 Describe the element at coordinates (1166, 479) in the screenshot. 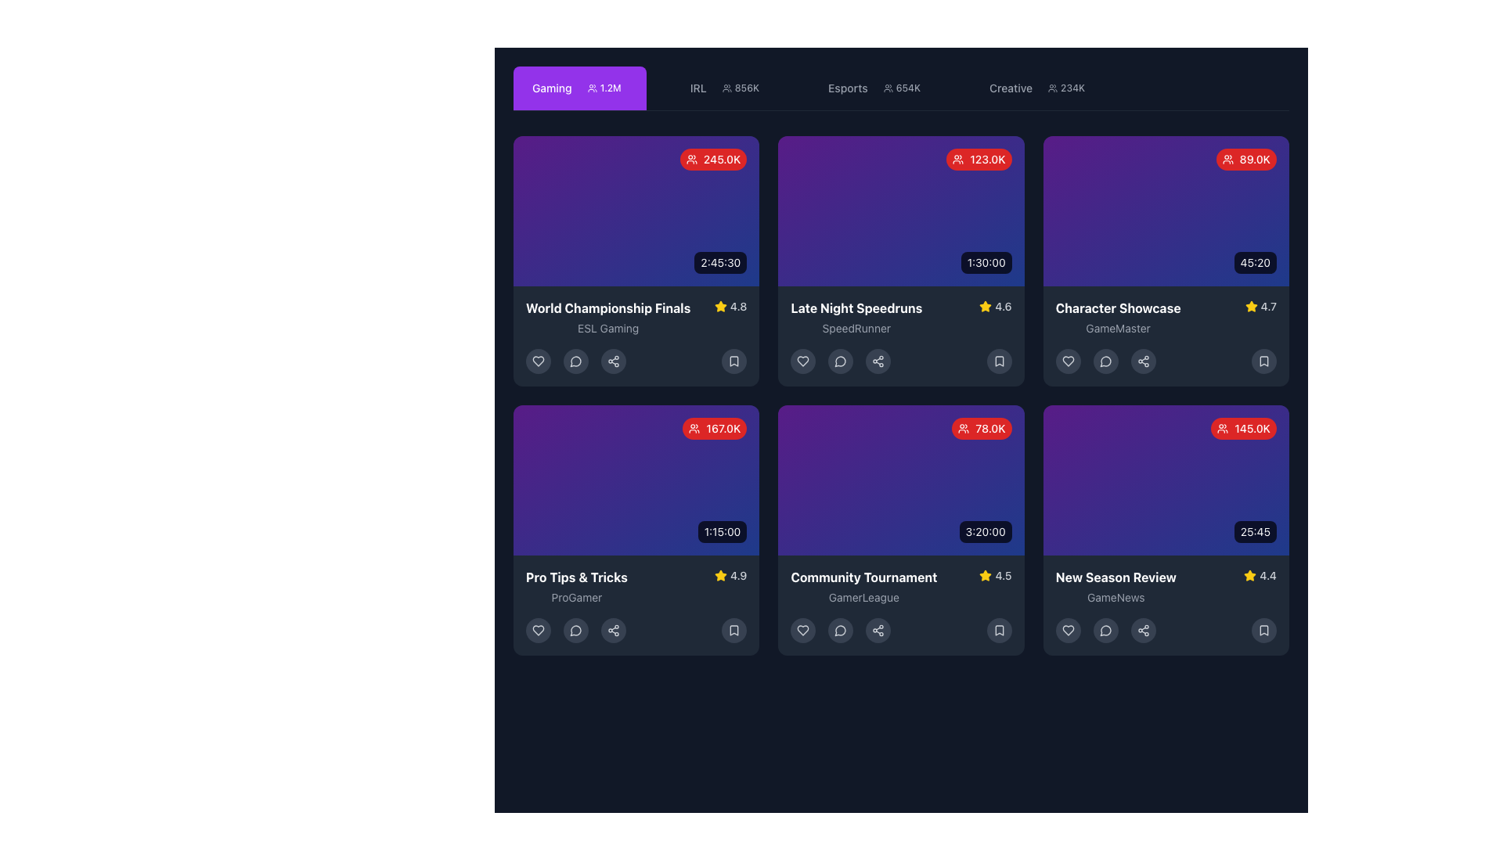

I see `to select the card with a purple gradient background that contains viewer count '145.0K' and time duration '25:45' in the bottom-right corner` at that location.